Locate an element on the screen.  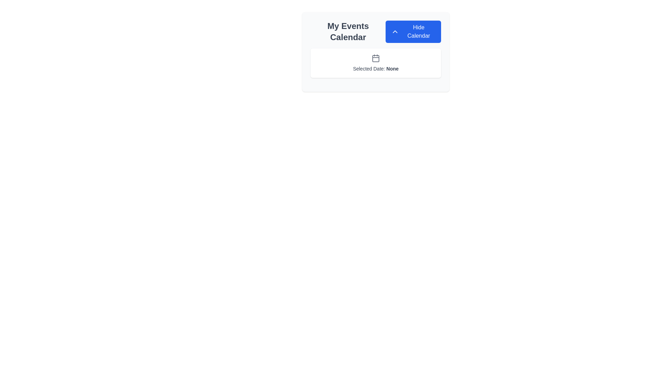
the chevron-up icon located to the left of the 'Hide Calendar' button is located at coordinates (395, 32).